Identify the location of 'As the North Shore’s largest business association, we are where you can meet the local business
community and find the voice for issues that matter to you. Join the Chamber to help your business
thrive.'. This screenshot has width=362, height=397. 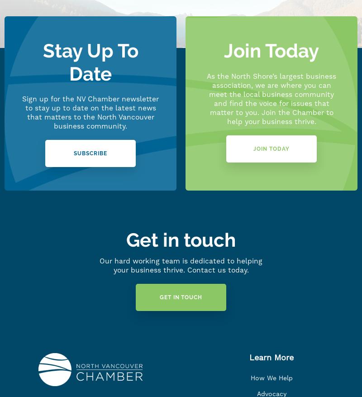
(271, 98).